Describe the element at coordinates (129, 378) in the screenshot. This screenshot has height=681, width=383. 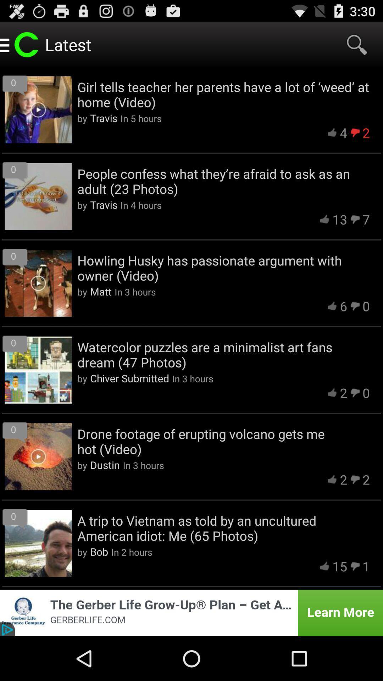
I see `the icon next to in 3 hours item` at that location.